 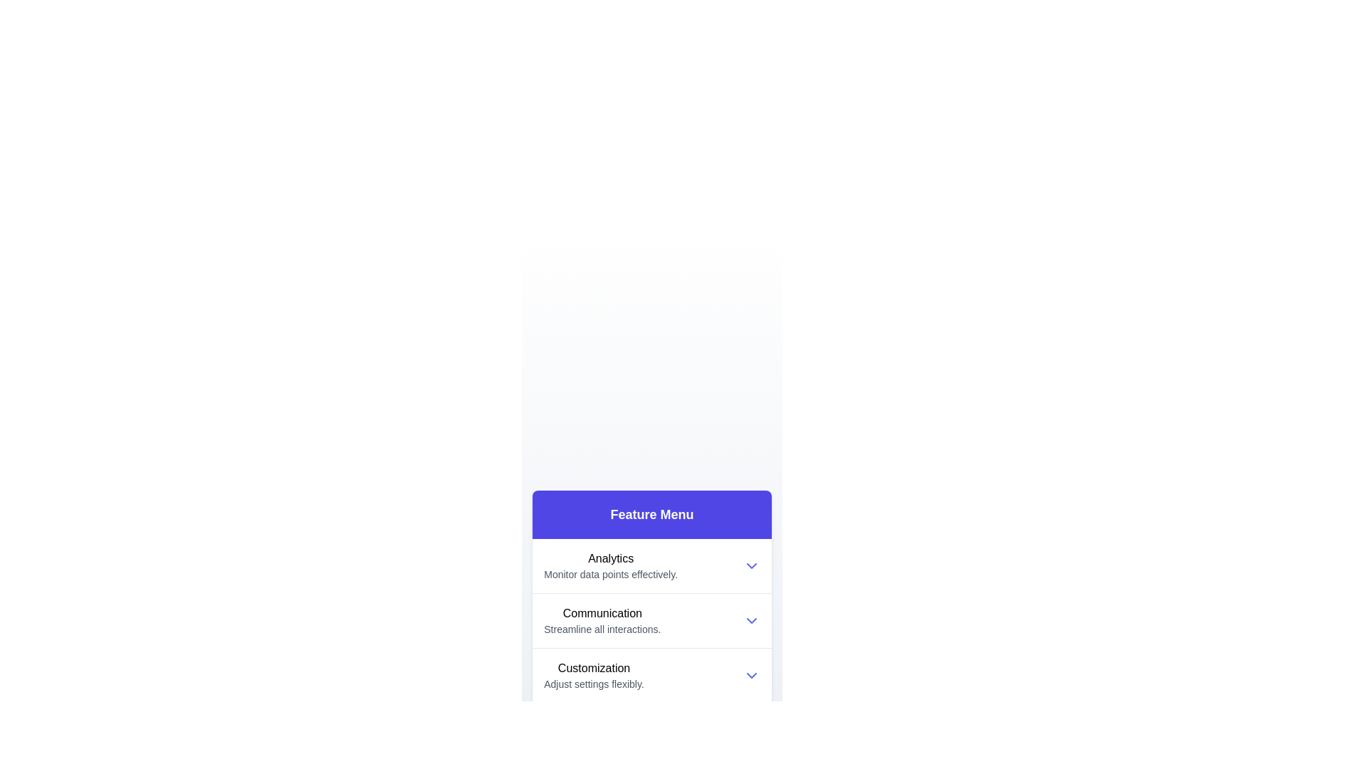 I want to click on the Customization icon to expand its subcategories, so click(x=594, y=674).